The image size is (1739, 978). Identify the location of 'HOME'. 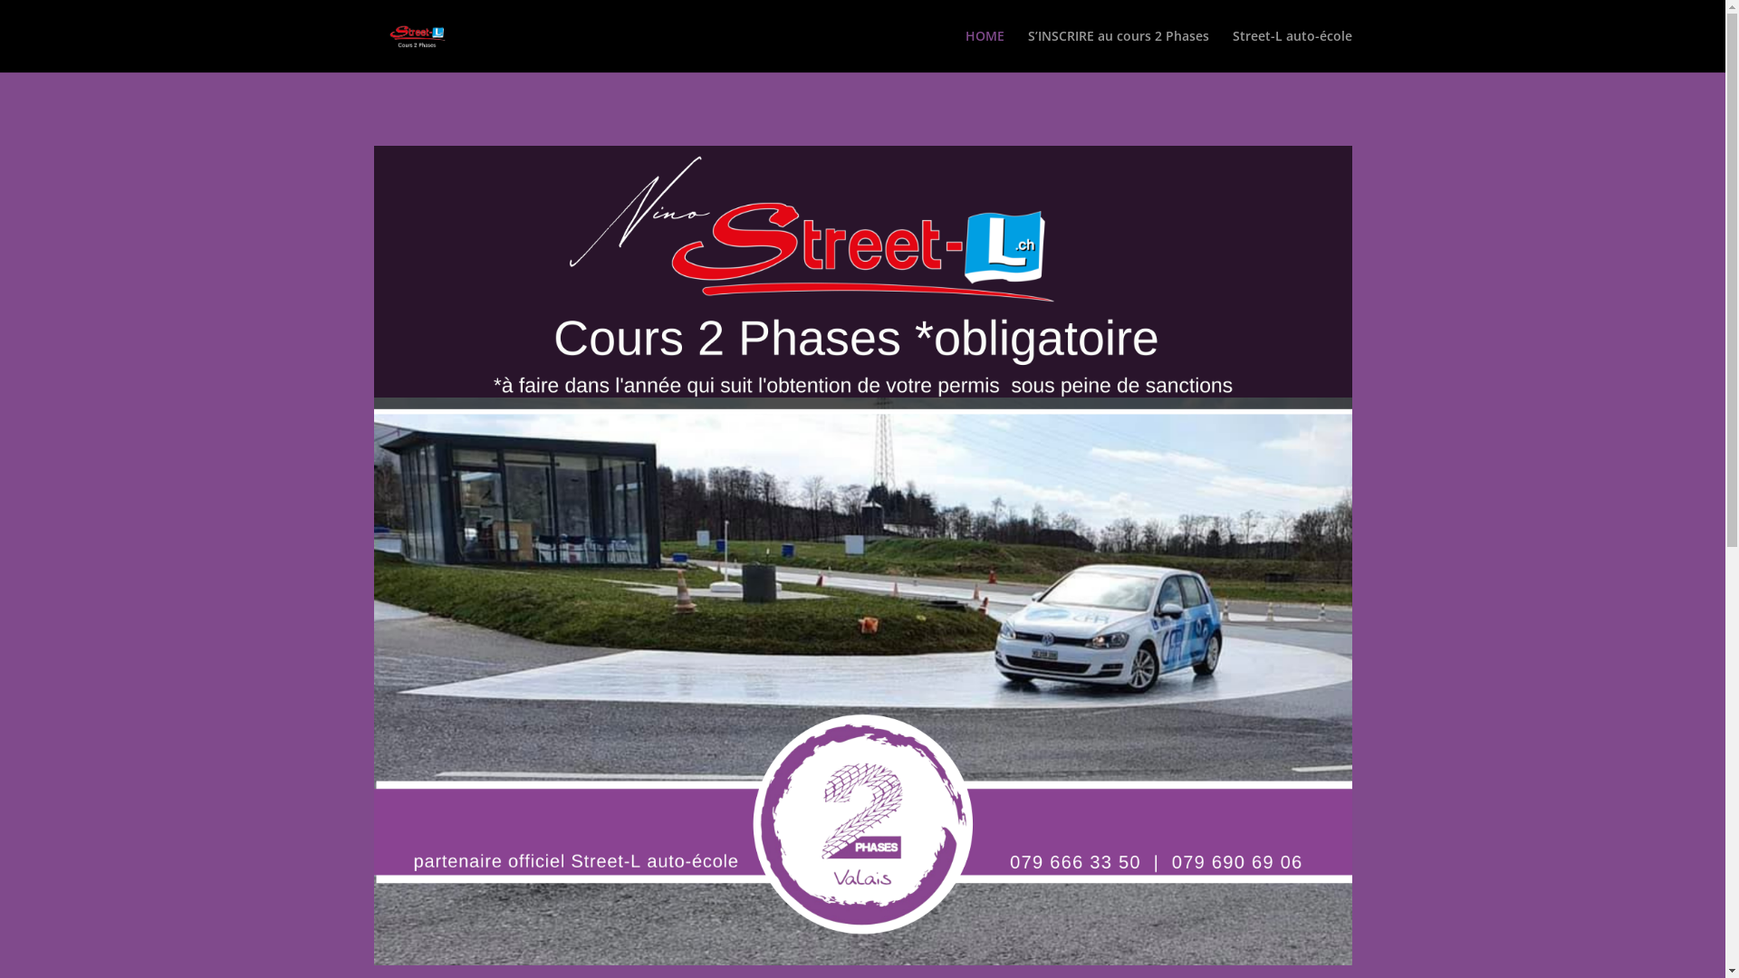
(964, 50).